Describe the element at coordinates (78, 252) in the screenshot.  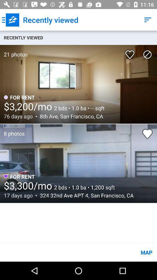
I see `the map` at that location.